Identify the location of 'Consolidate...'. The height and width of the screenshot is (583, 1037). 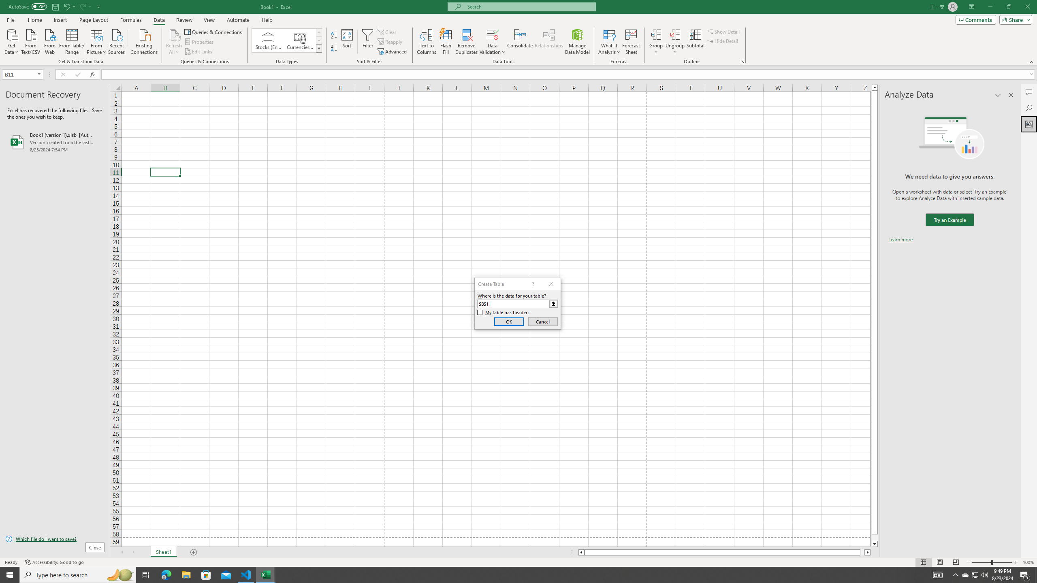
(520, 42).